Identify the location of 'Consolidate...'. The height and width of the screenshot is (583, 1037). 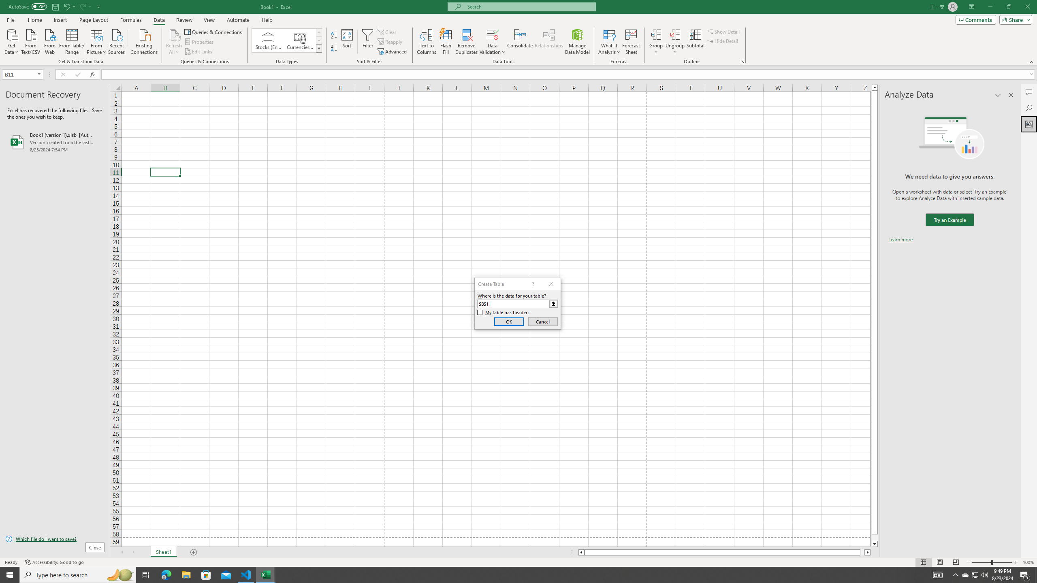
(520, 42).